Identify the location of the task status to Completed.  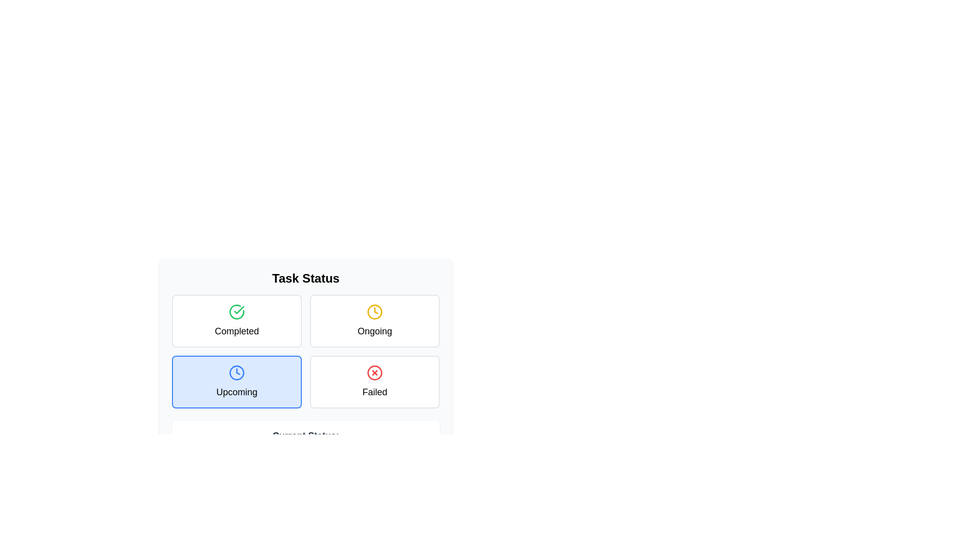
(236, 321).